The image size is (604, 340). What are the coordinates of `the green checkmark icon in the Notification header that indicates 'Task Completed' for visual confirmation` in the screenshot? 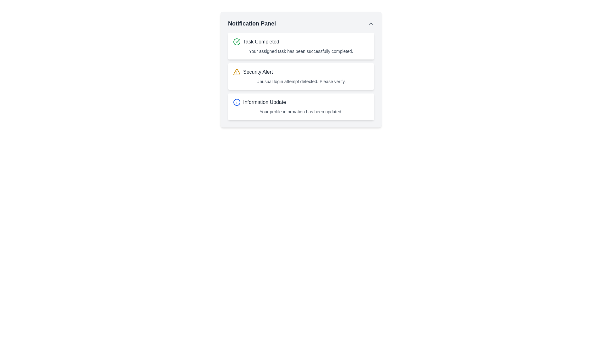 It's located at (300, 42).